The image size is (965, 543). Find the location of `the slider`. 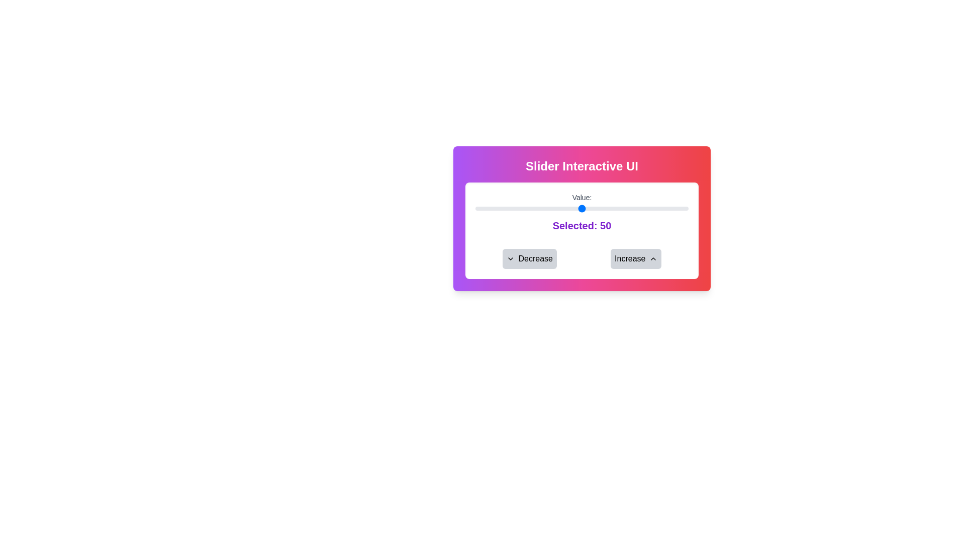

the slider is located at coordinates (599, 208).